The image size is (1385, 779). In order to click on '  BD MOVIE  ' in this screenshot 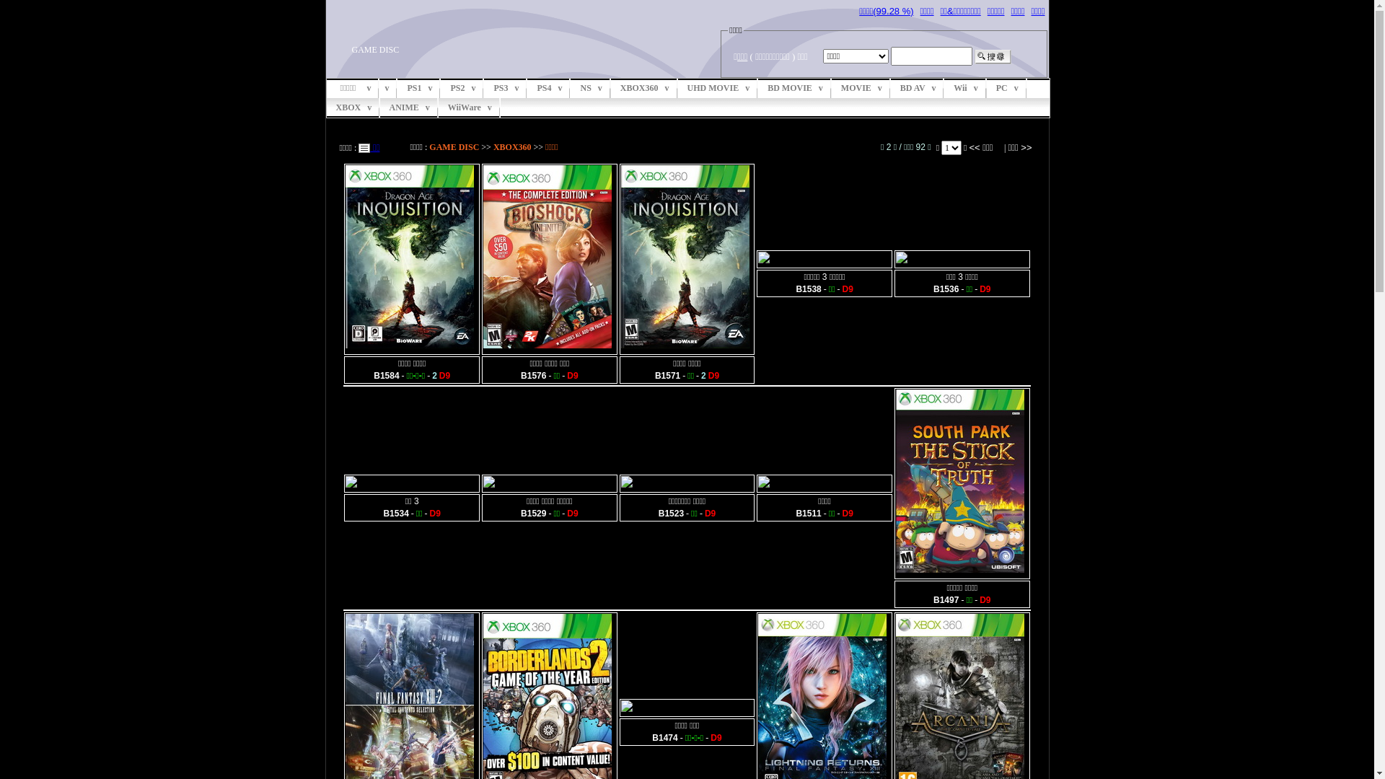, I will do `click(794, 88)`.